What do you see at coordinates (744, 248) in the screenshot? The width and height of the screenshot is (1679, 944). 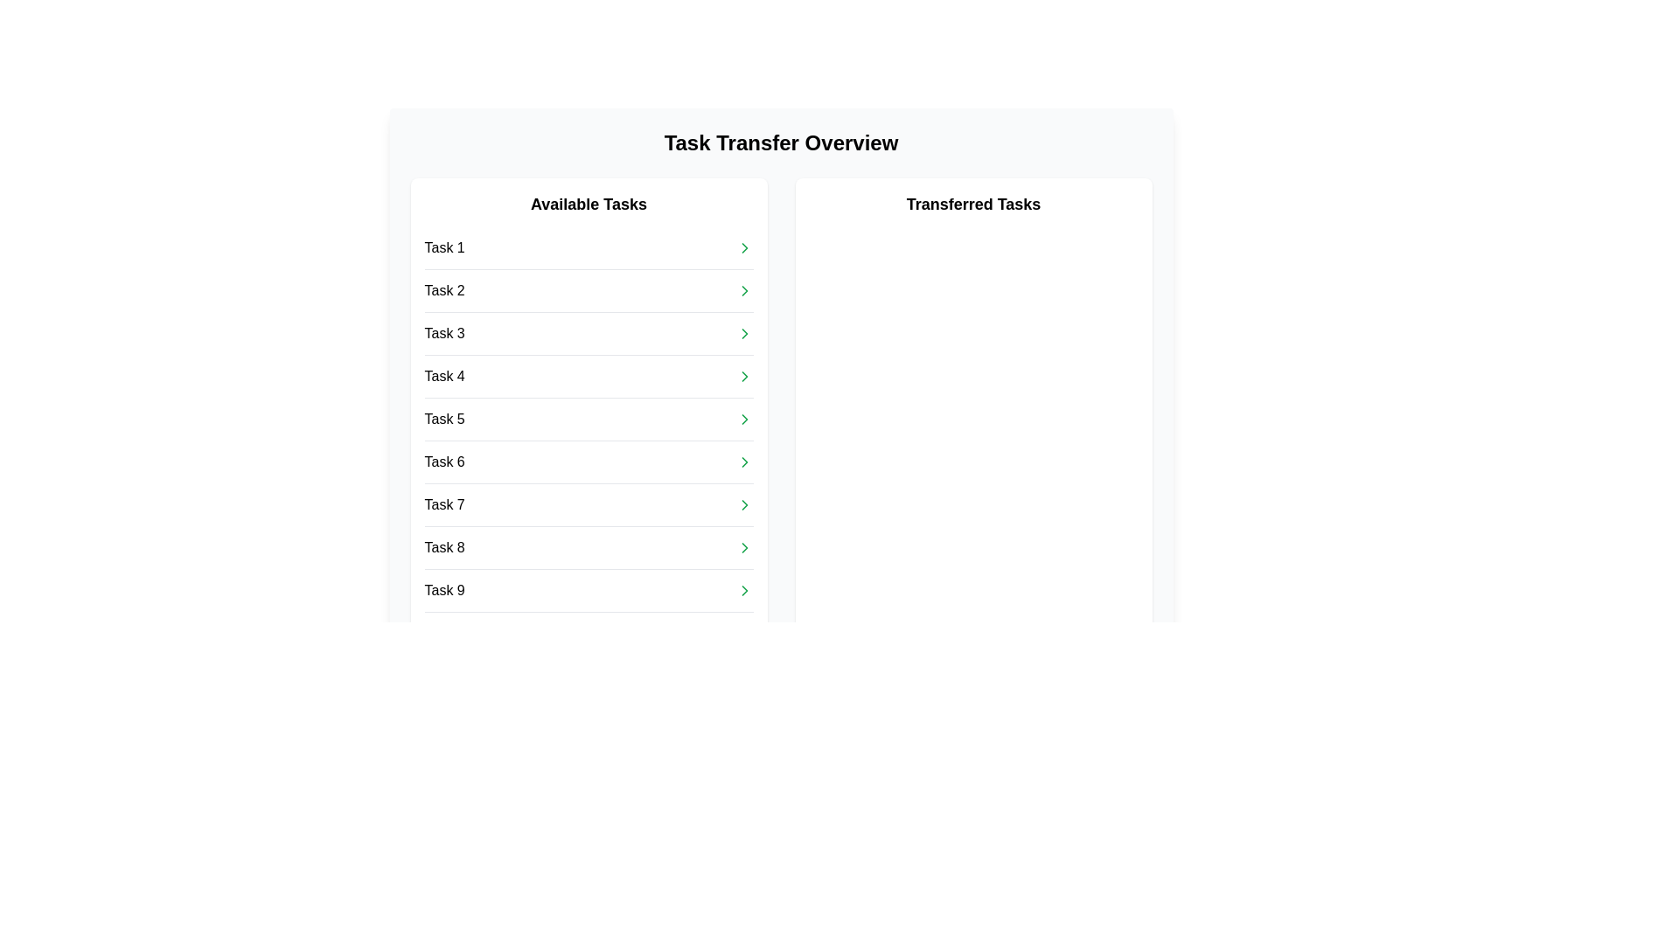 I see `the green arrow icon on the right side of 'Task 1' in the 'Available Tasks' list` at bounding box center [744, 248].